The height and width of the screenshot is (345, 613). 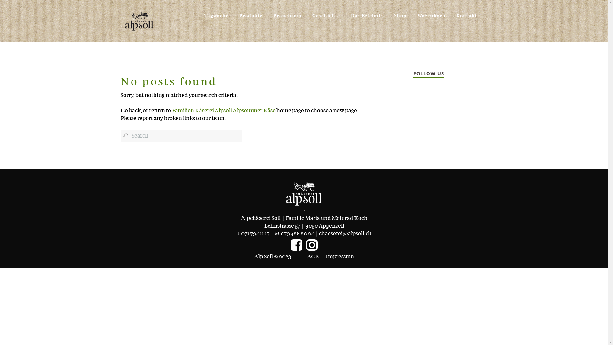 What do you see at coordinates (313, 256) in the screenshot?
I see `'AGB'` at bounding box center [313, 256].